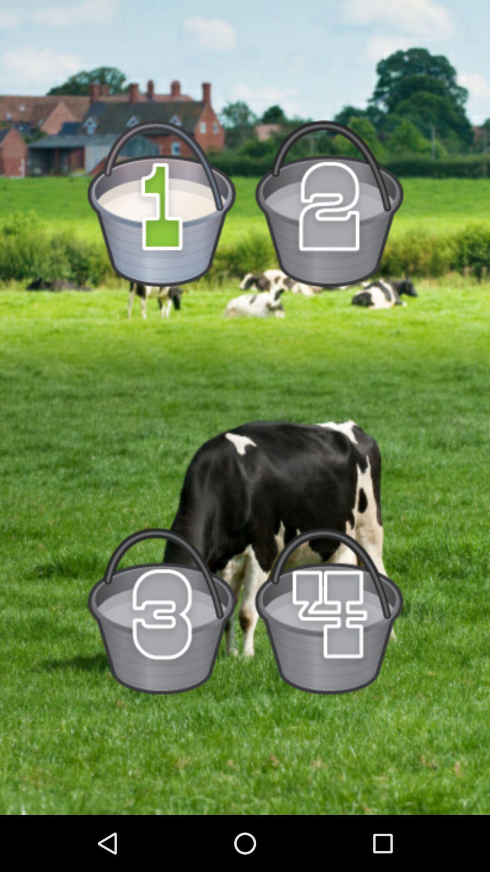 This screenshot has width=490, height=872. What do you see at coordinates (328, 203) in the screenshot?
I see `bucket number 2` at bounding box center [328, 203].